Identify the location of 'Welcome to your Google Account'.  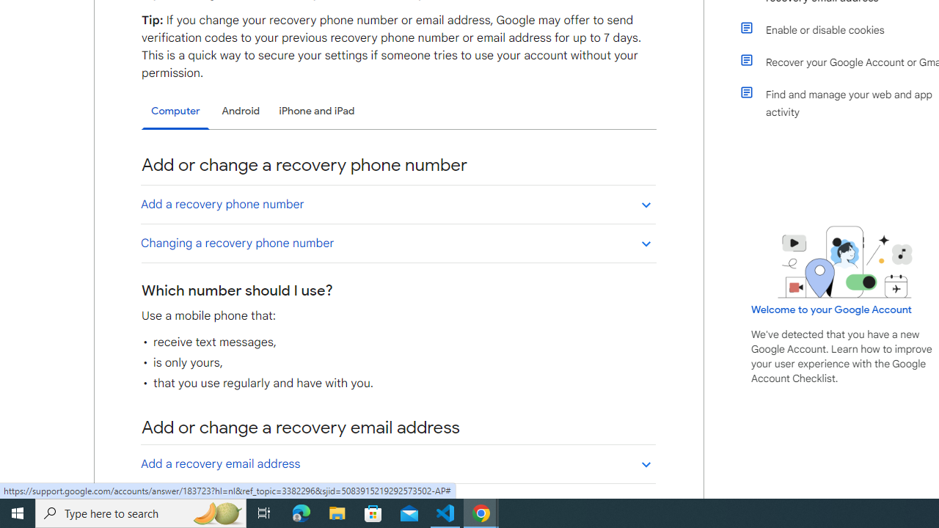
(832, 309).